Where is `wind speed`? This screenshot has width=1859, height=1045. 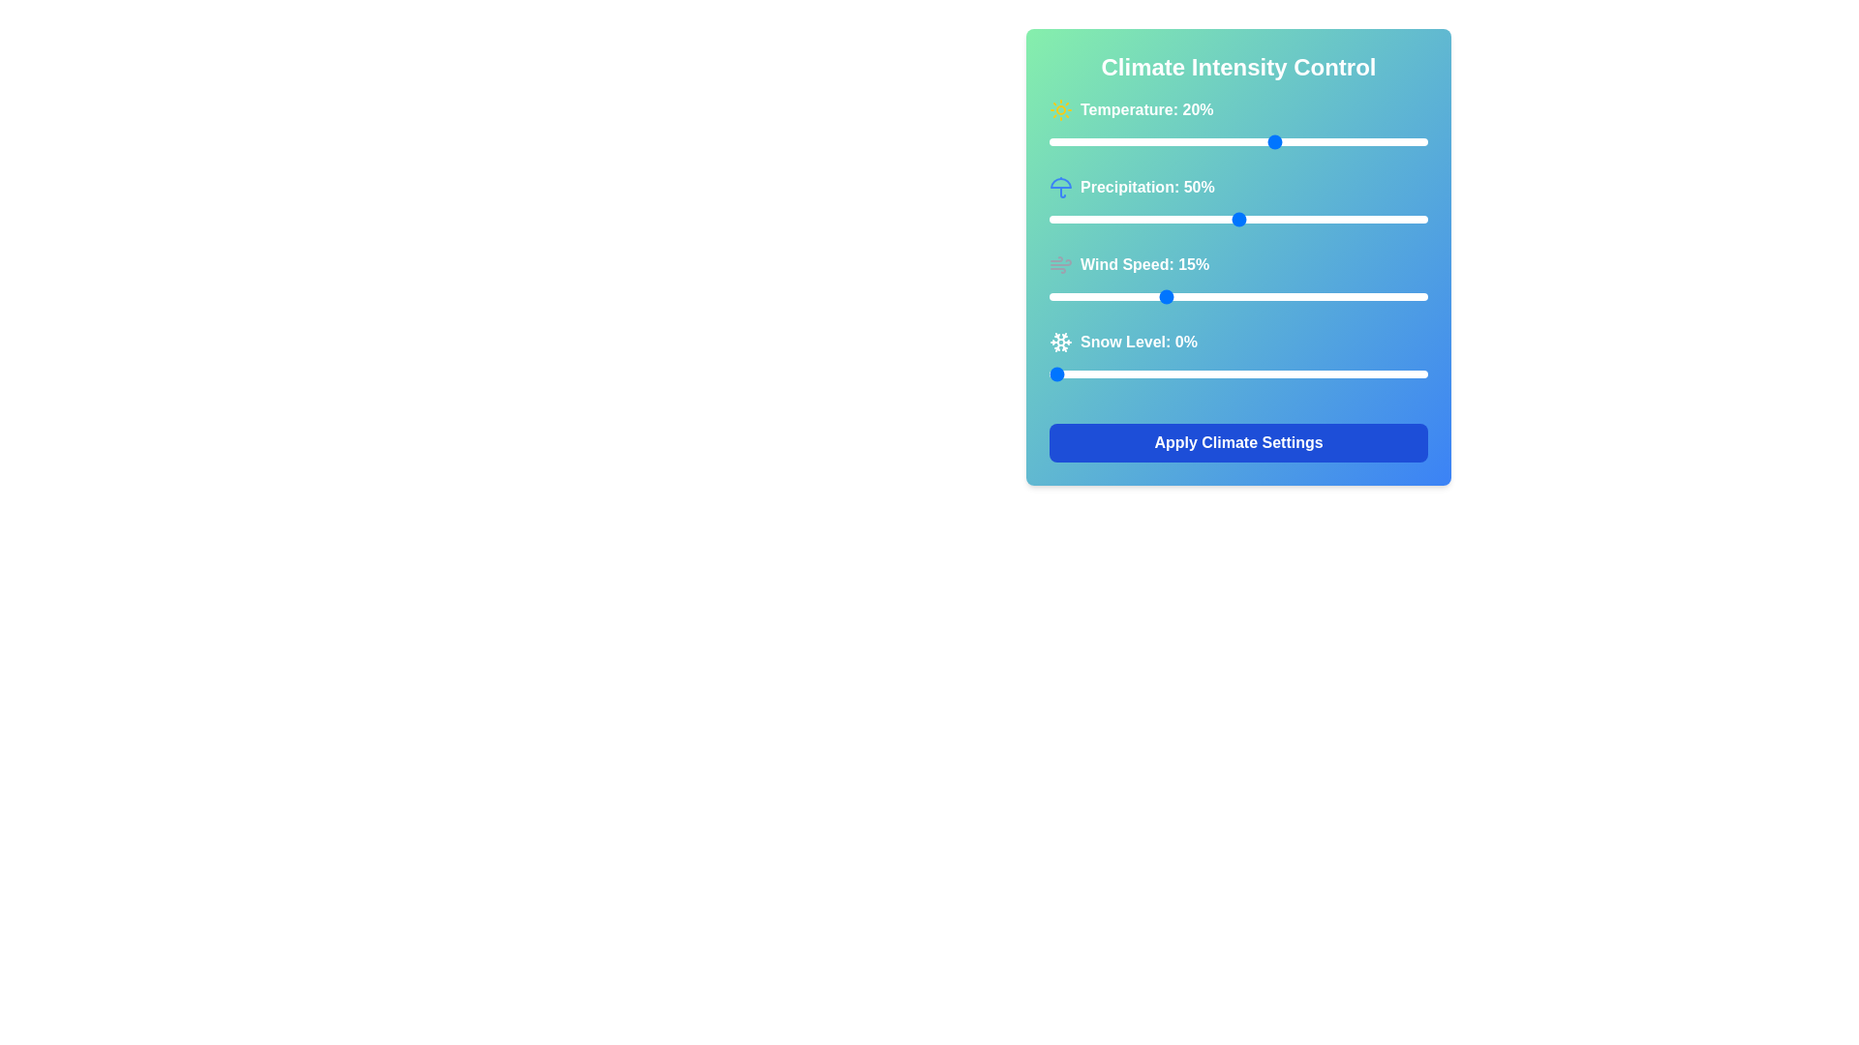
wind speed is located at coordinates (1336, 297).